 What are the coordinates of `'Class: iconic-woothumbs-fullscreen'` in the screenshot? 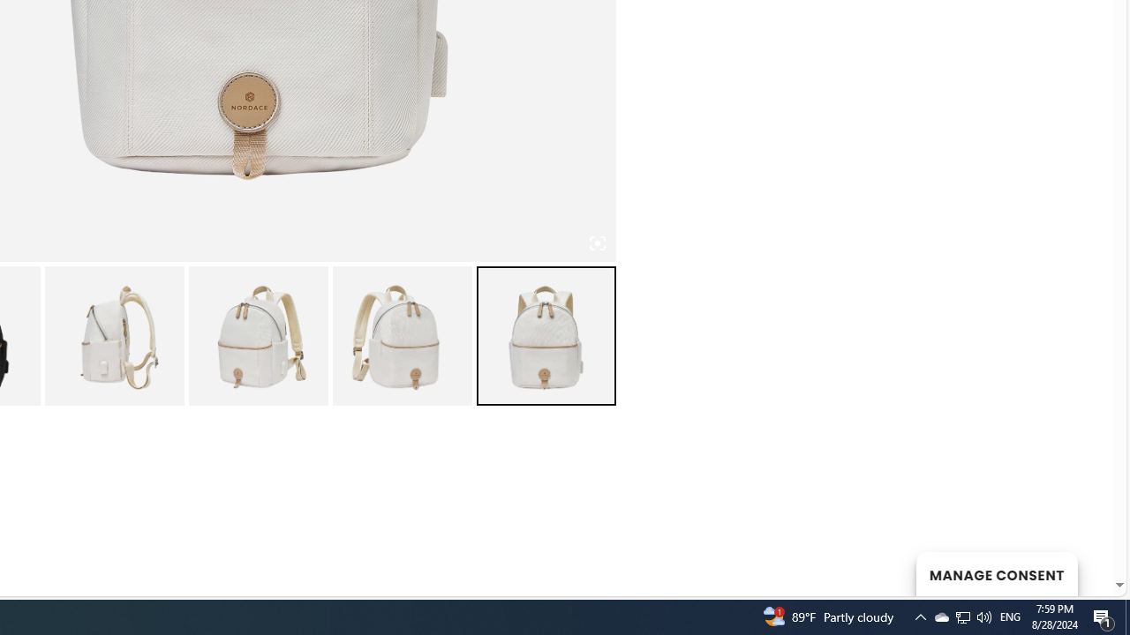 It's located at (597, 243).